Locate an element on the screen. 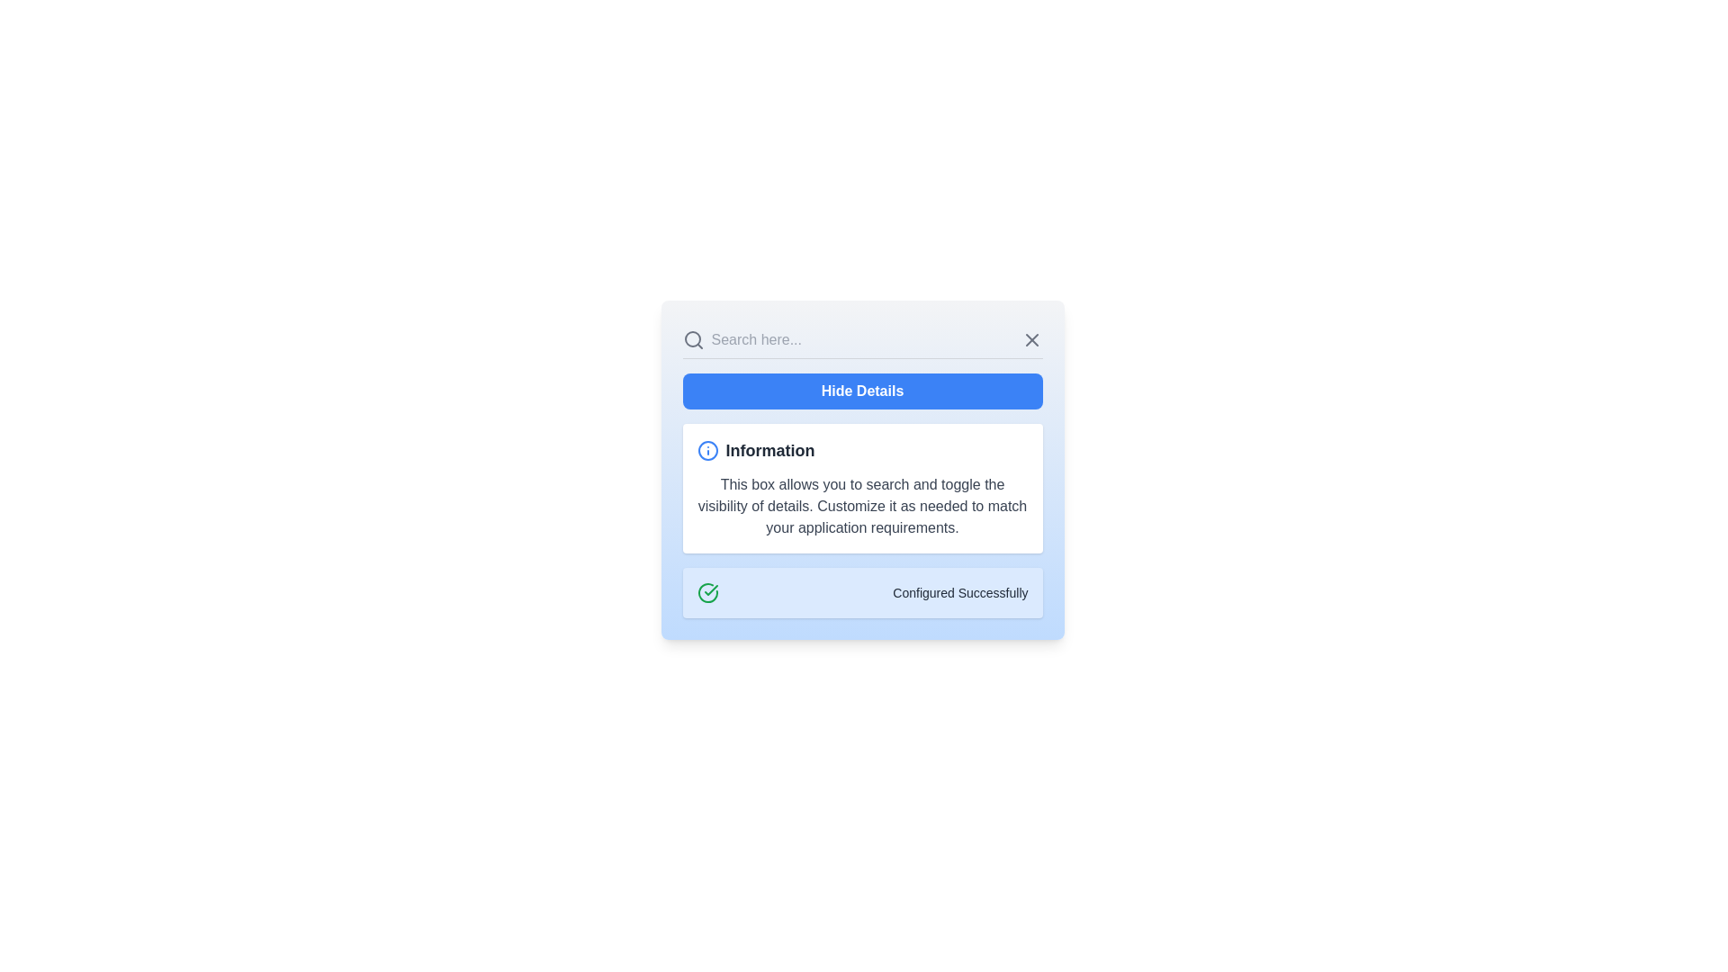 Image resolution: width=1728 pixels, height=972 pixels. the circular part of the search magnifying glass icon located in the top-left section of the interface within a search input field is located at coordinates (691, 339).